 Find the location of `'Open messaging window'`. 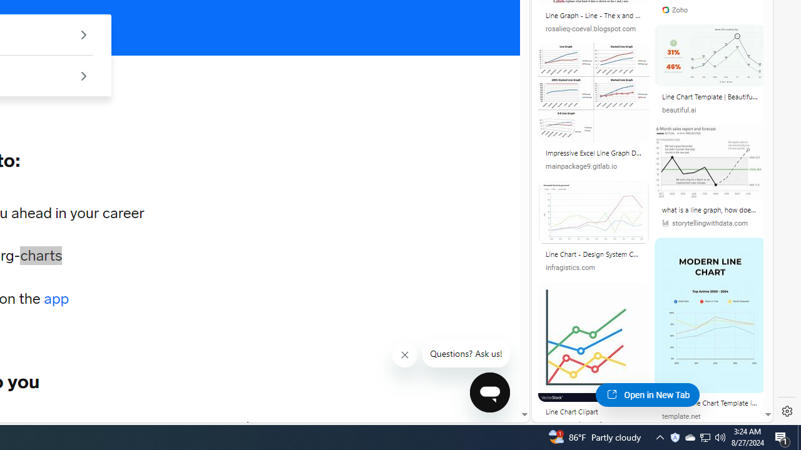

'Open messaging window' is located at coordinates (489, 392).